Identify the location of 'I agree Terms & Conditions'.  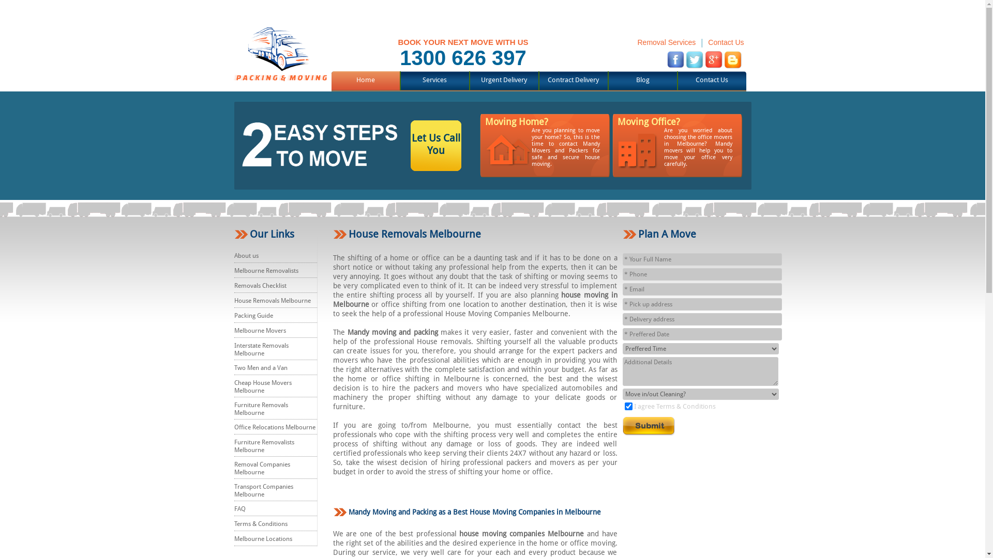
(675, 406).